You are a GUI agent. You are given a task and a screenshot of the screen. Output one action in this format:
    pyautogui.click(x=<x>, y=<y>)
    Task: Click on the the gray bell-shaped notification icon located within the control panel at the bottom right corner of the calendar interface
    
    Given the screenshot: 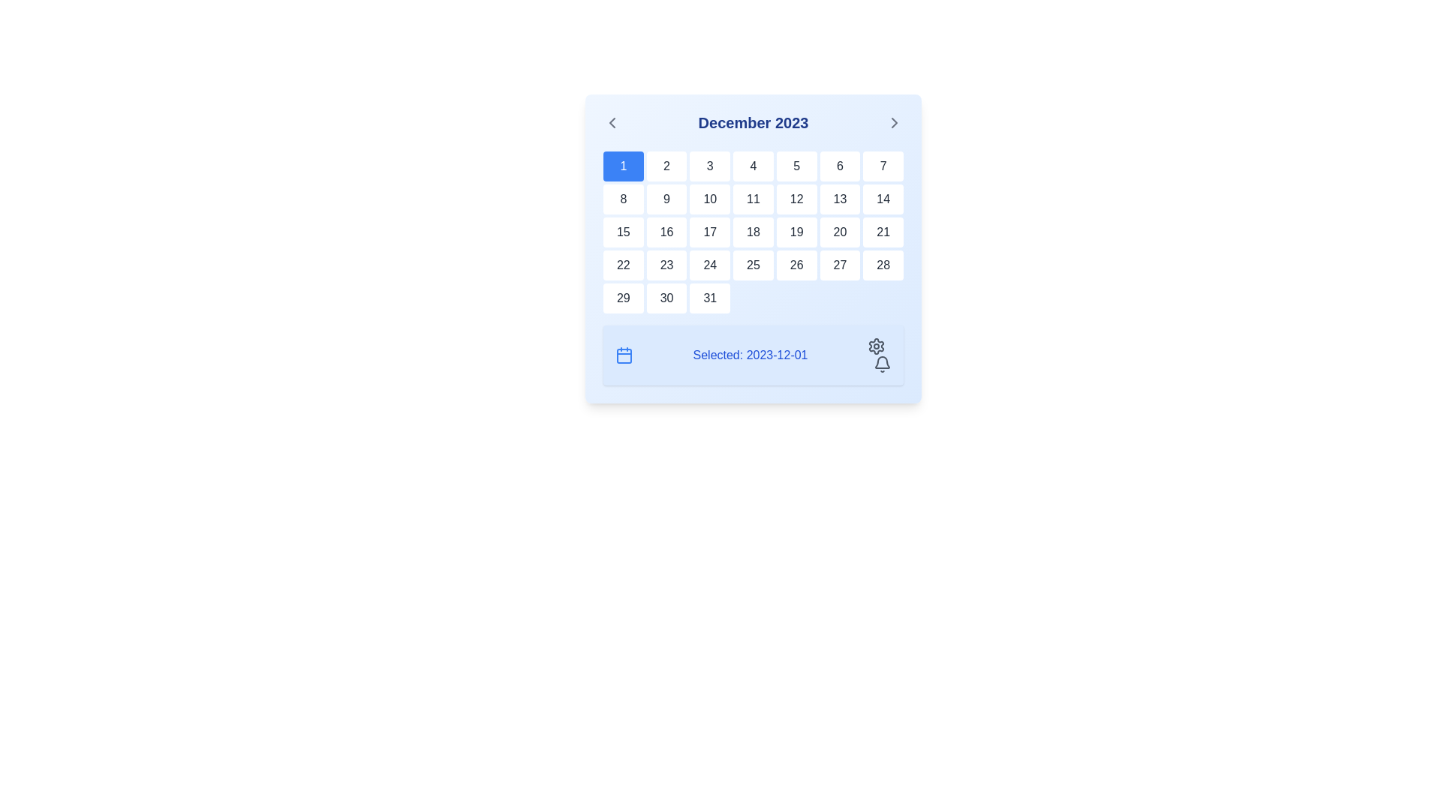 What is the action you would take?
    pyautogui.click(x=883, y=364)
    